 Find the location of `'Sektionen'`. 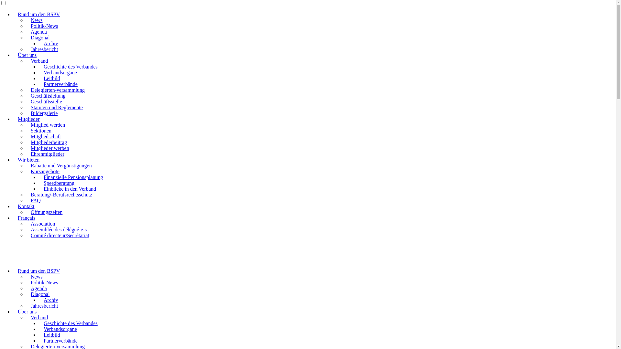

'Sektionen' is located at coordinates (40, 131).